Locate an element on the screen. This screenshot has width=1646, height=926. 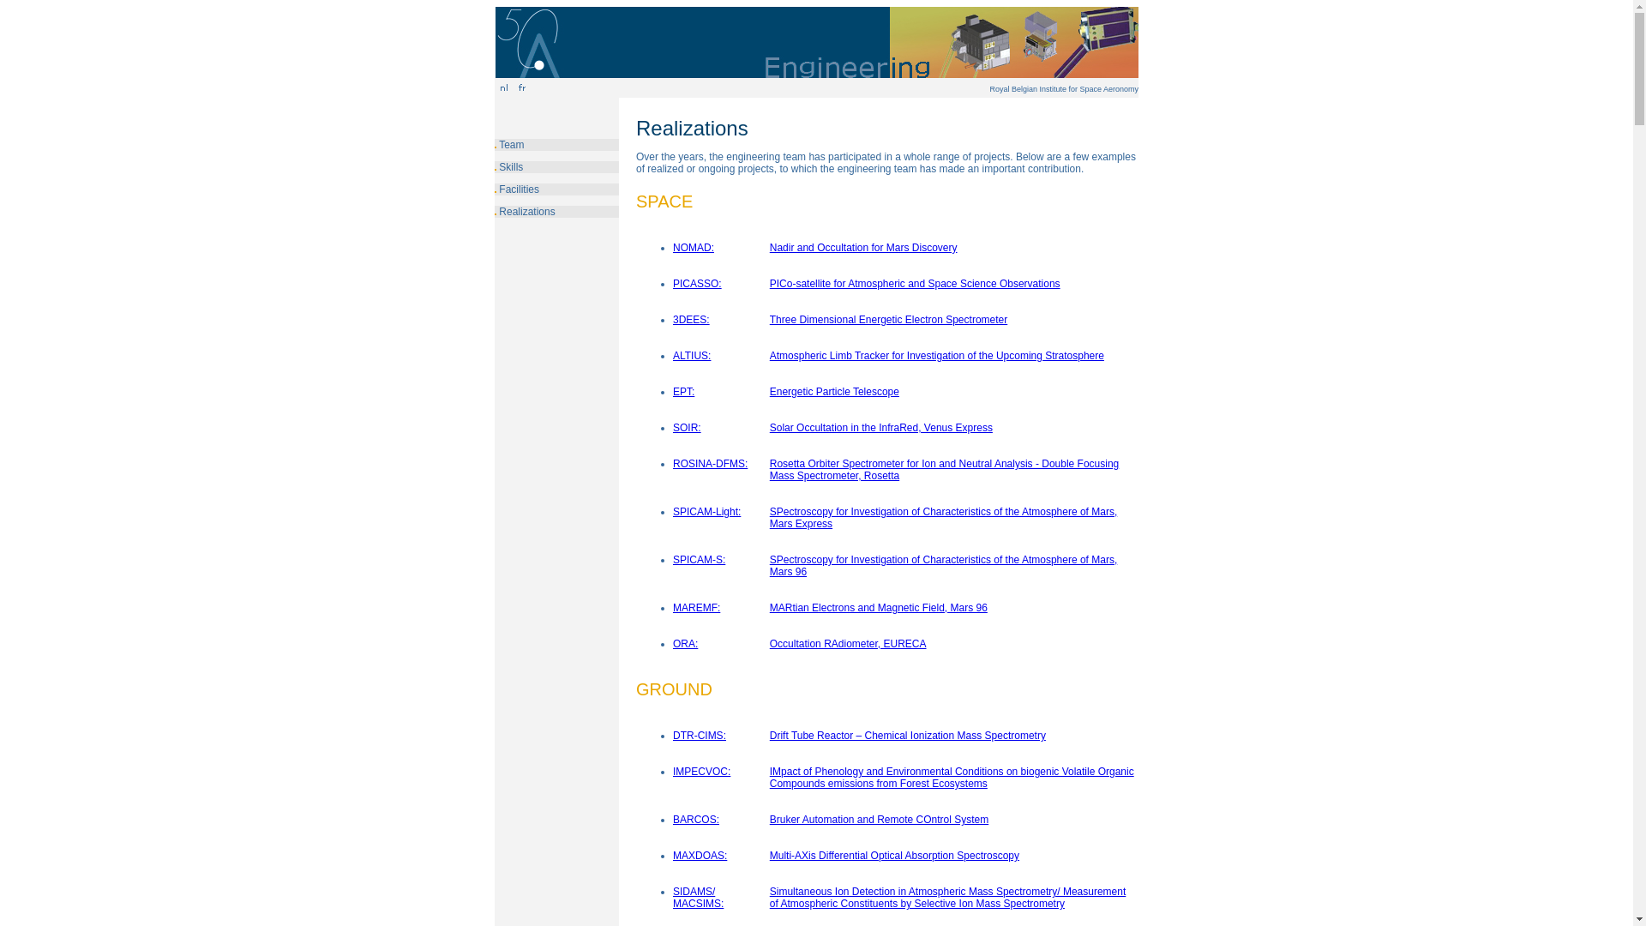
'SPICAM-Light:' is located at coordinates (706, 511).